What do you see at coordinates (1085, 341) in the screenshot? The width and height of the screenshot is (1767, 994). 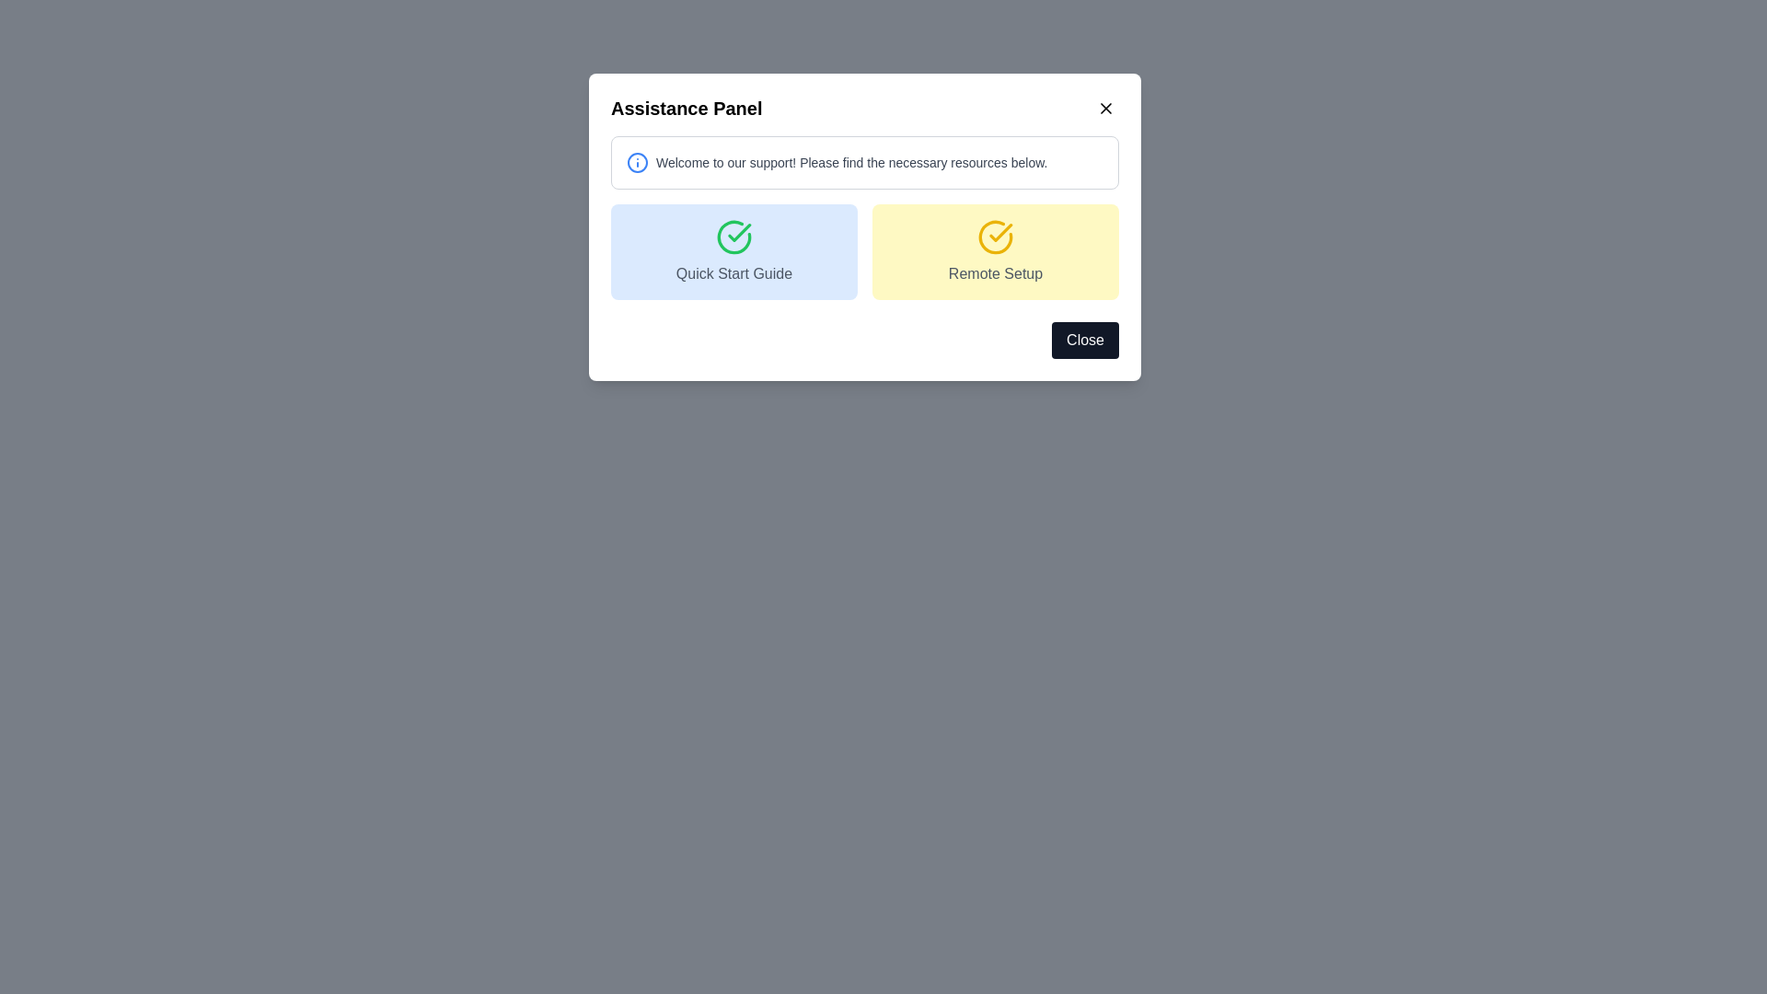 I see `the close button located at the bottom-right corner of the modal dialog` at bounding box center [1085, 341].